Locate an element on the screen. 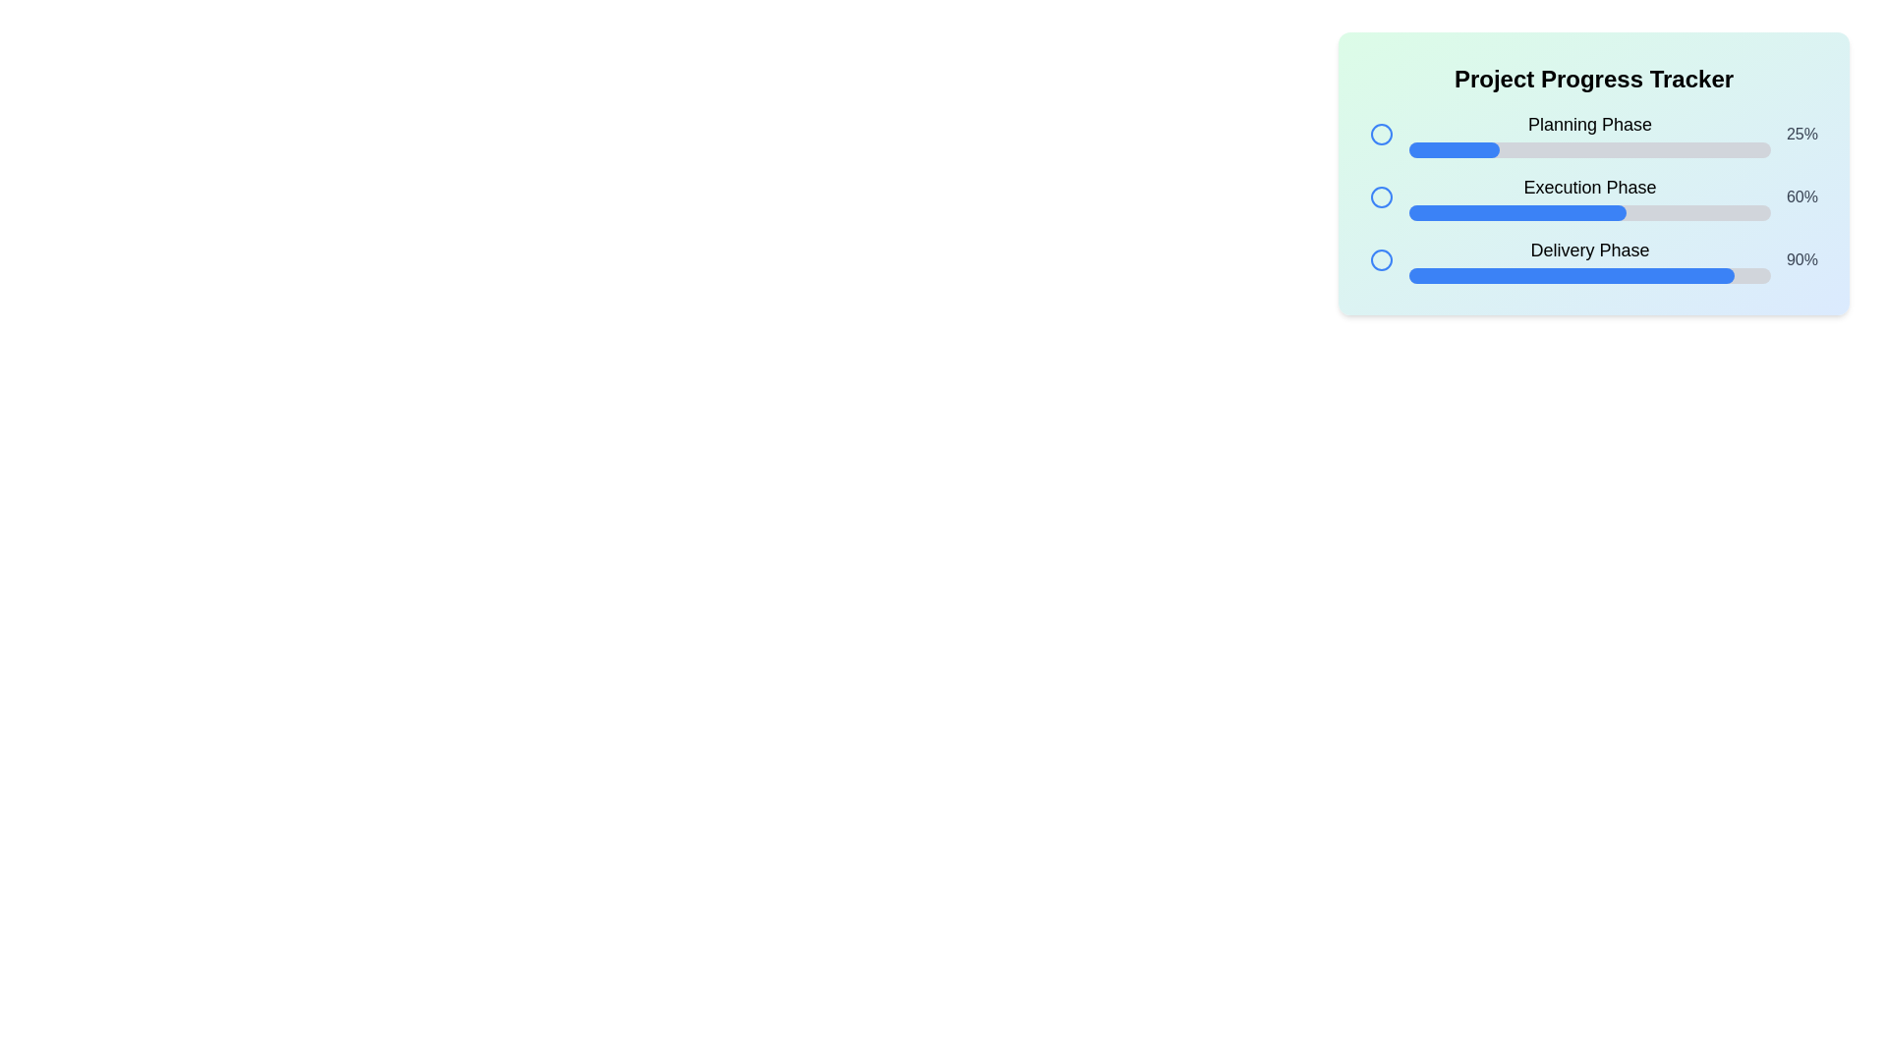  the filled portion of the progress bar segment labeled 'Planning Phase' that visually represents 25% completion is located at coordinates (1453, 149).